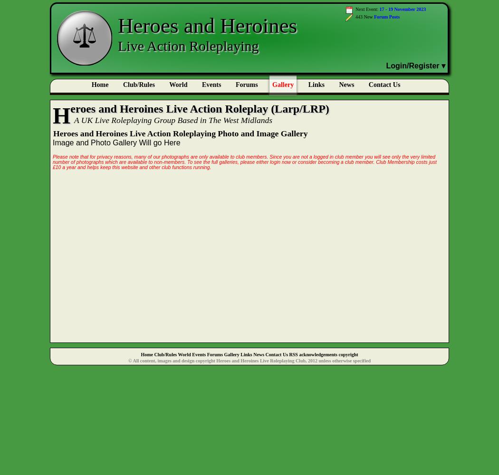 This screenshot has width=499, height=475. Describe the element at coordinates (74, 115) in the screenshot. I see `'Heroes'` at that location.